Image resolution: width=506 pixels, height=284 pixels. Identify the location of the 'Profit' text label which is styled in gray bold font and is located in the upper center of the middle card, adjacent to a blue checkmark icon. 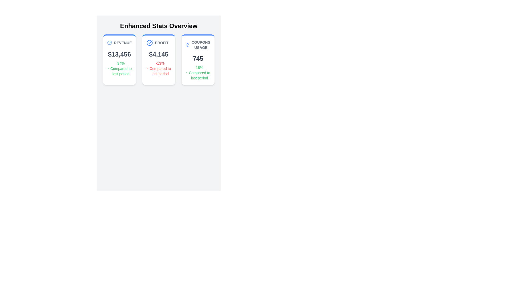
(158, 42).